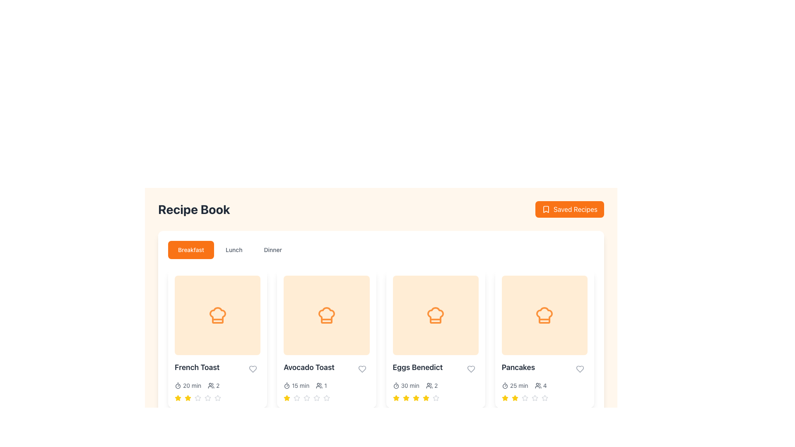 Image resolution: width=795 pixels, height=447 pixels. What do you see at coordinates (546, 209) in the screenshot?
I see `the small white bookmark icon located within the 'Saved Recipes' button, which has an orange background and is positioned to the left of the text 'Saved Recipes'` at bounding box center [546, 209].